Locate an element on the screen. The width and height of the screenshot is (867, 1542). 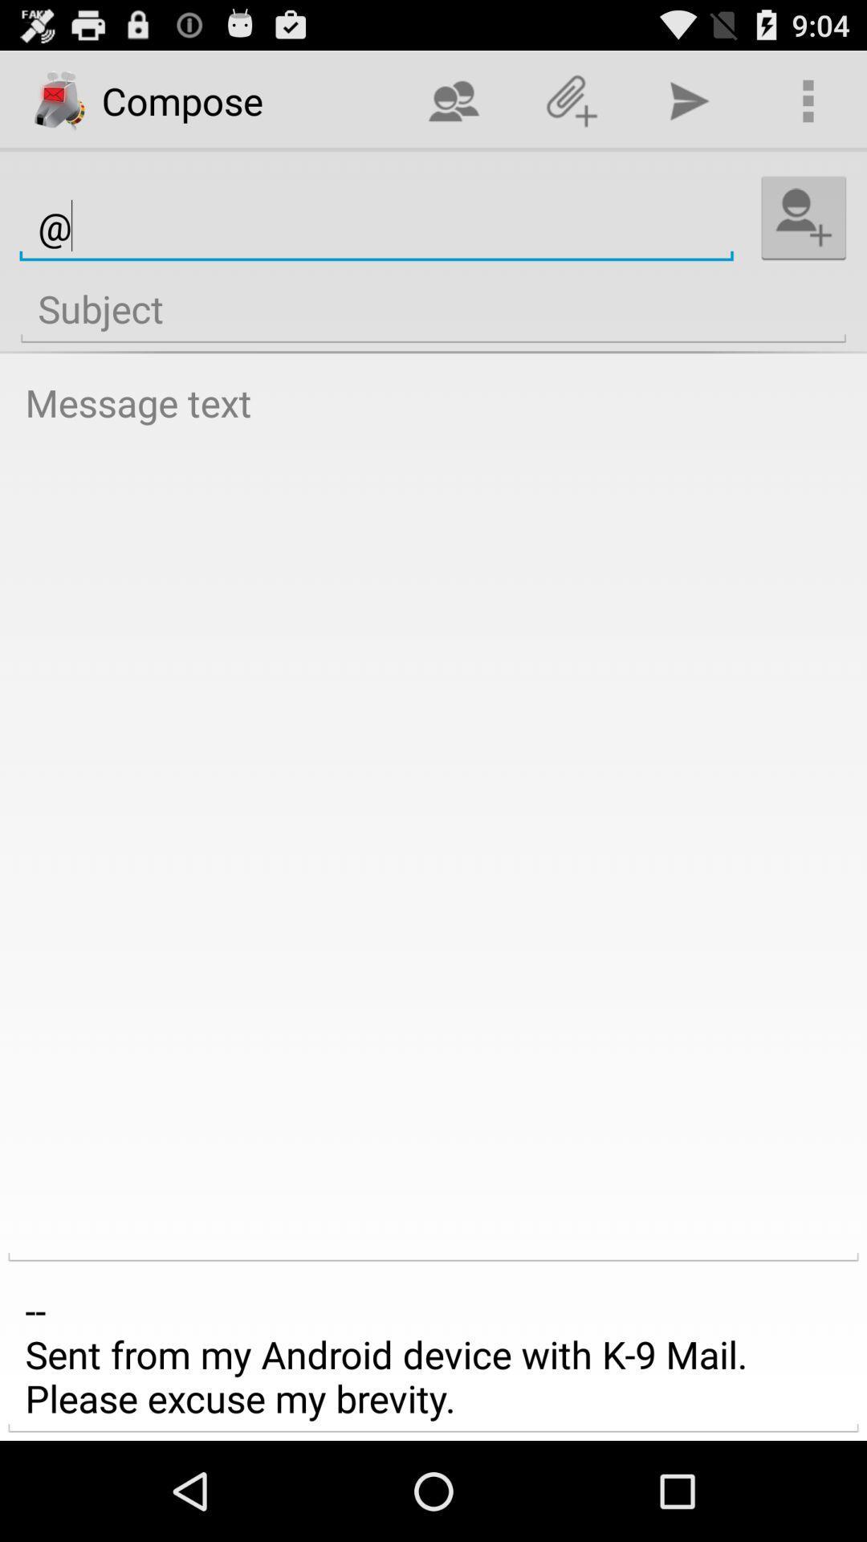
sent from my icon is located at coordinates (433, 1354).